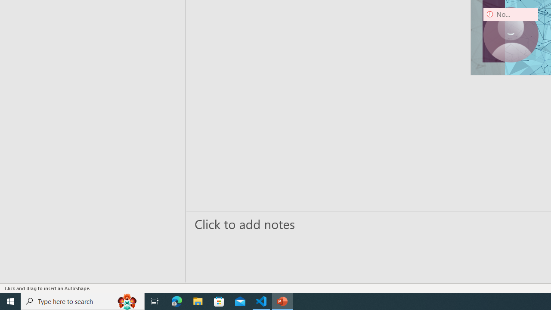 Image resolution: width=551 pixels, height=310 pixels. What do you see at coordinates (511, 34) in the screenshot?
I see `'Camera 9, No camera detected.'` at bounding box center [511, 34].